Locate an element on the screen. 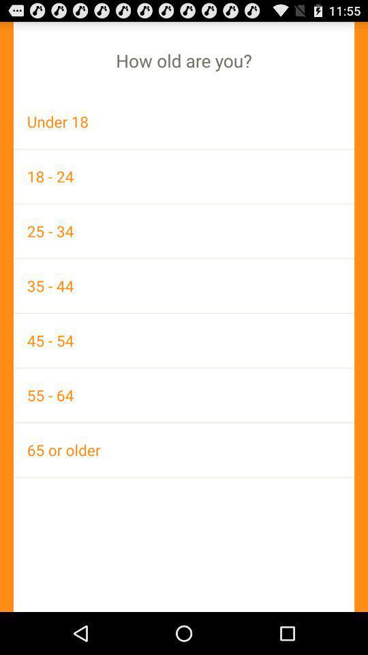 The width and height of the screenshot is (368, 655). item above the 45 - 54 item is located at coordinates (184, 285).